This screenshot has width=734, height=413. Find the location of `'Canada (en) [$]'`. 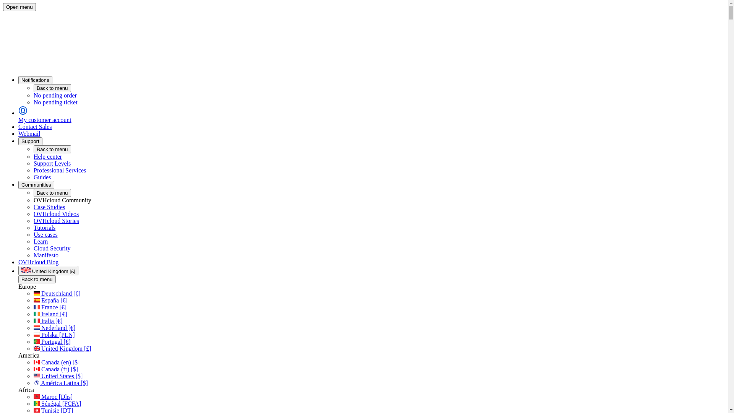

'Canada (en) [$]' is located at coordinates (56, 362).